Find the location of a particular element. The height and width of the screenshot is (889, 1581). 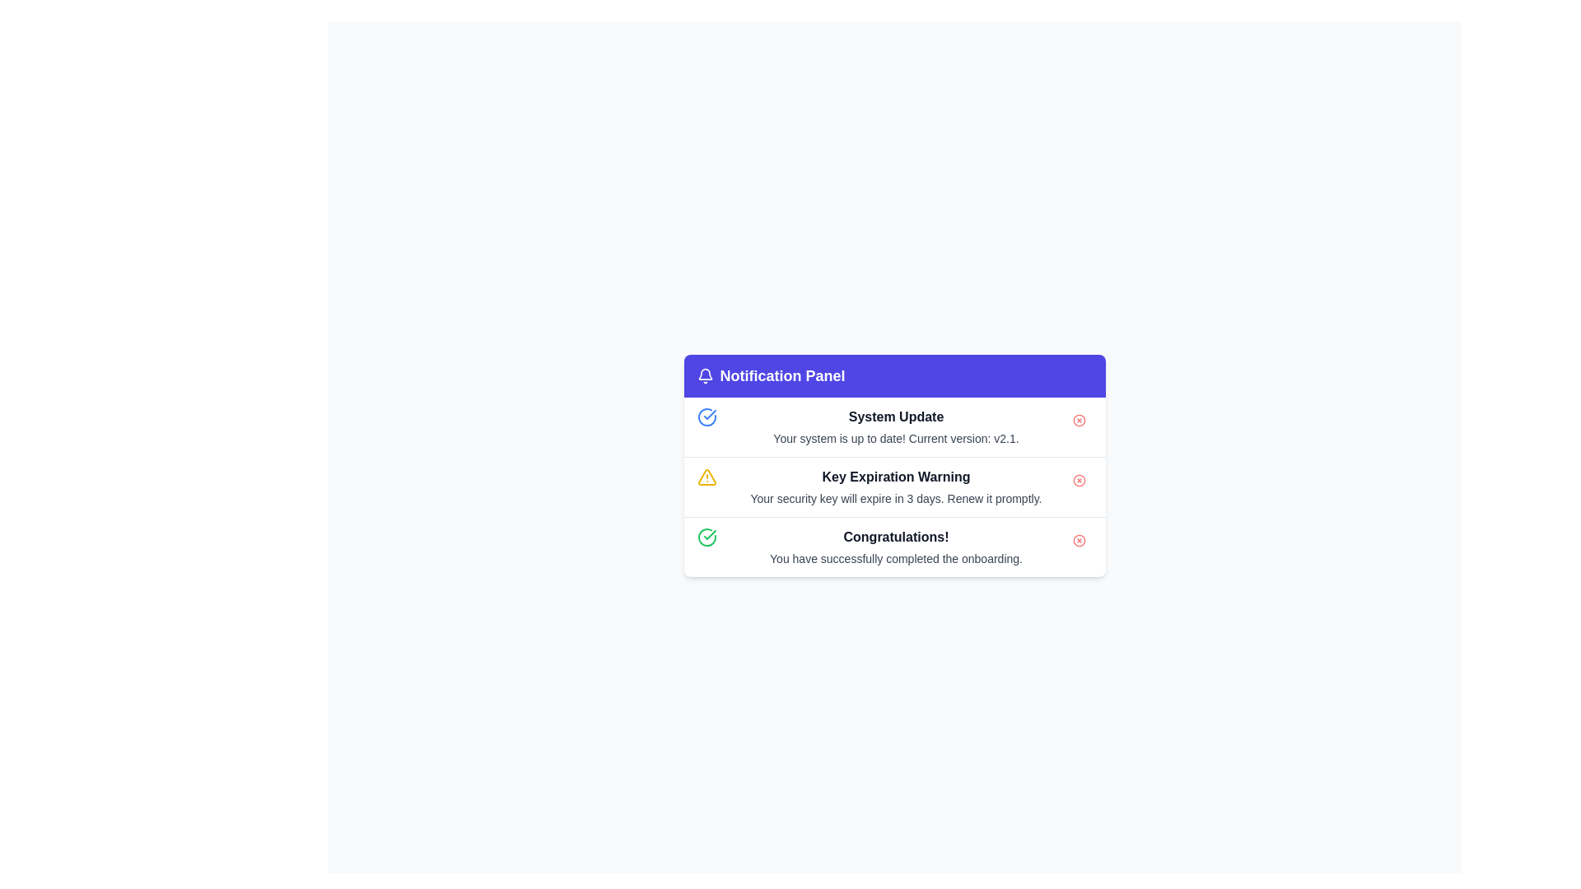

the third notification message row that confirms the successful completion of an action (onboarding) is located at coordinates (895, 547).